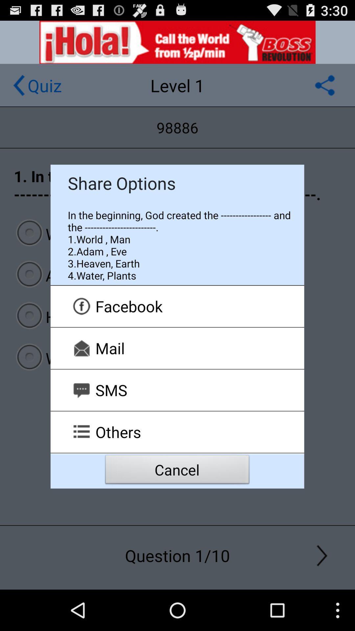 Image resolution: width=355 pixels, height=631 pixels. What do you see at coordinates (324, 91) in the screenshot?
I see `the share icon` at bounding box center [324, 91].